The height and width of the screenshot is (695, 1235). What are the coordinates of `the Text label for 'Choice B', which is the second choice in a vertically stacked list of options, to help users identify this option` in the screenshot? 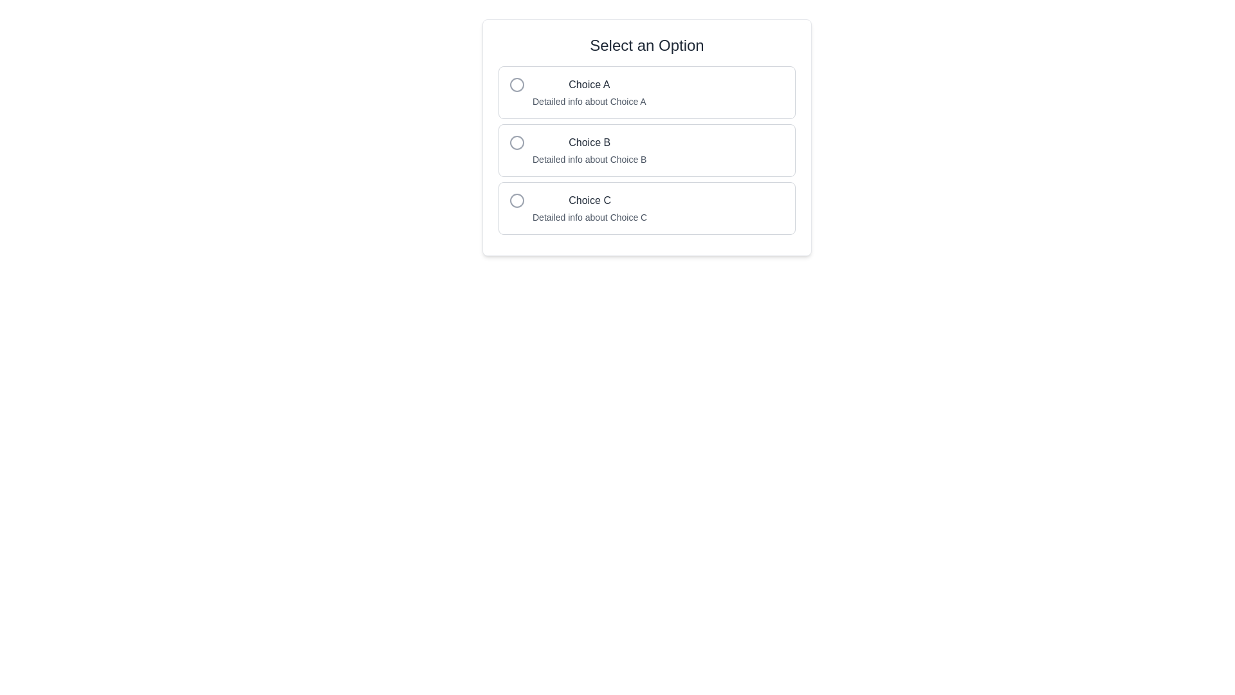 It's located at (589, 143).